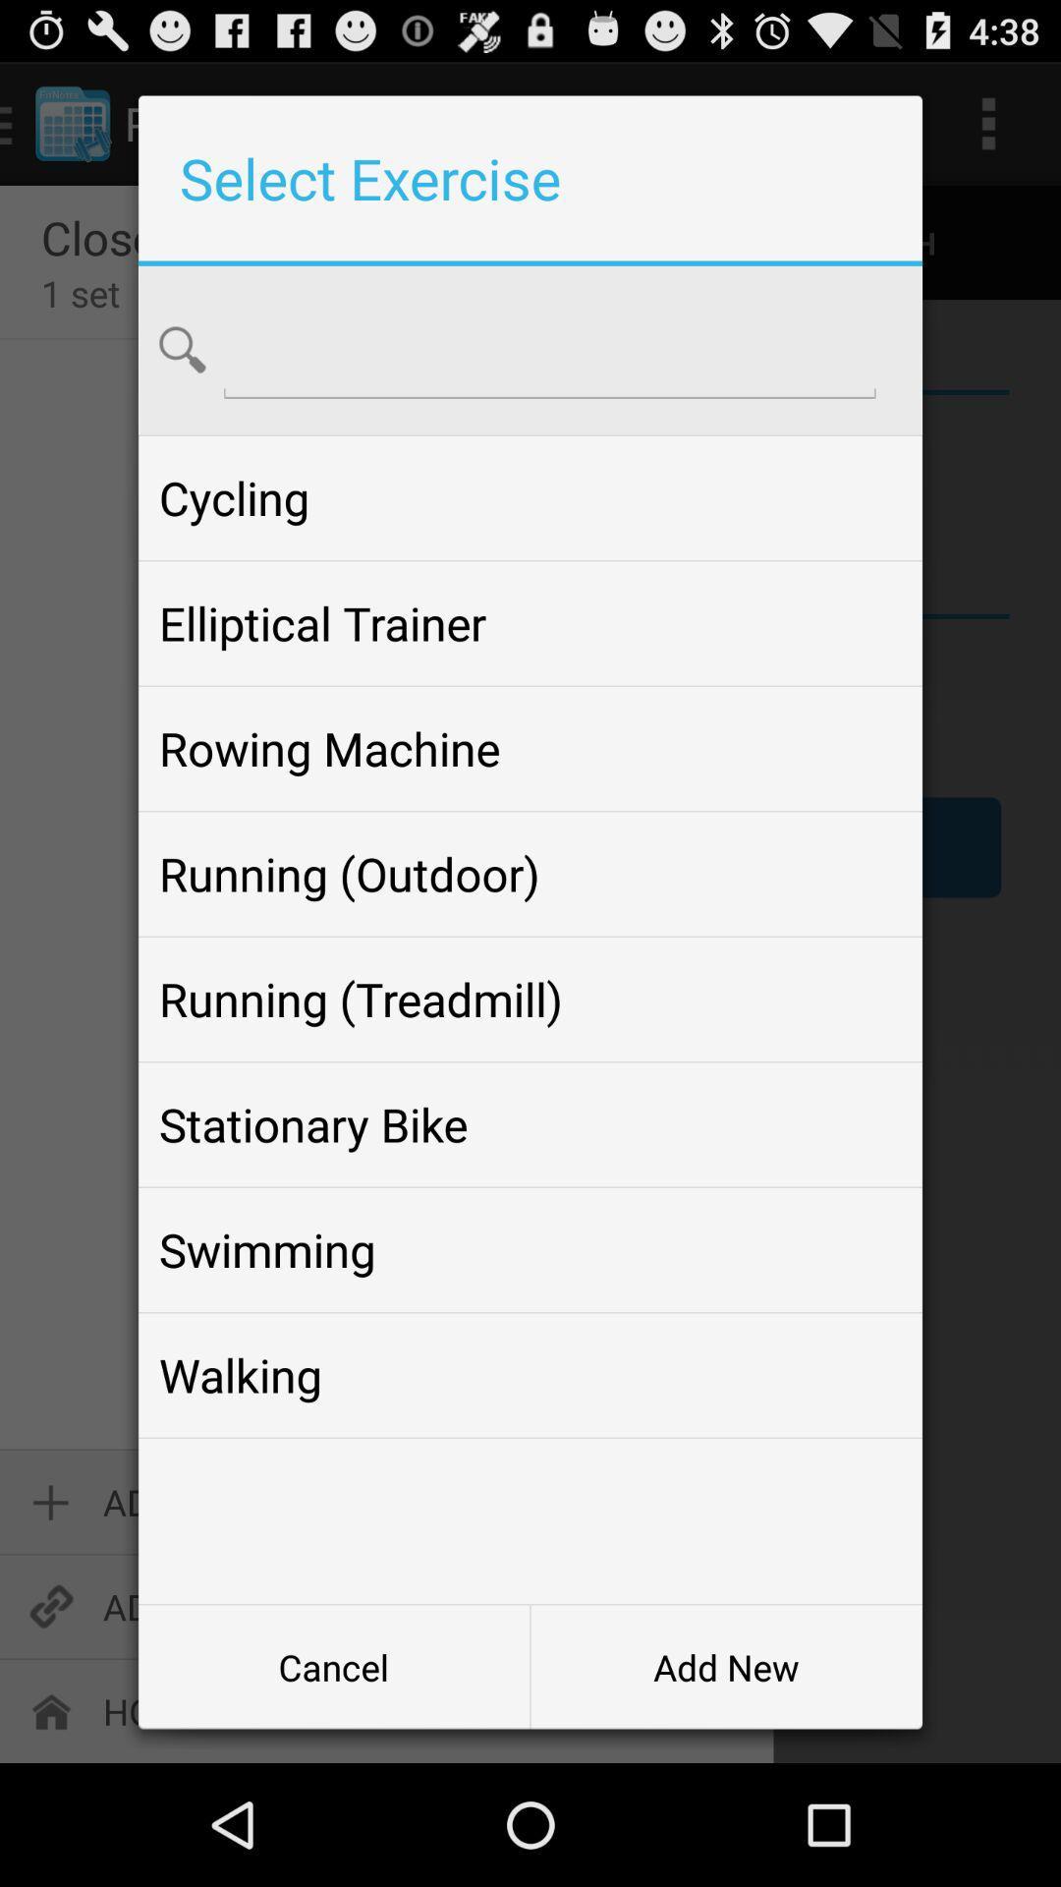  What do you see at coordinates (549, 348) in the screenshot?
I see `search` at bounding box center [549, 348].